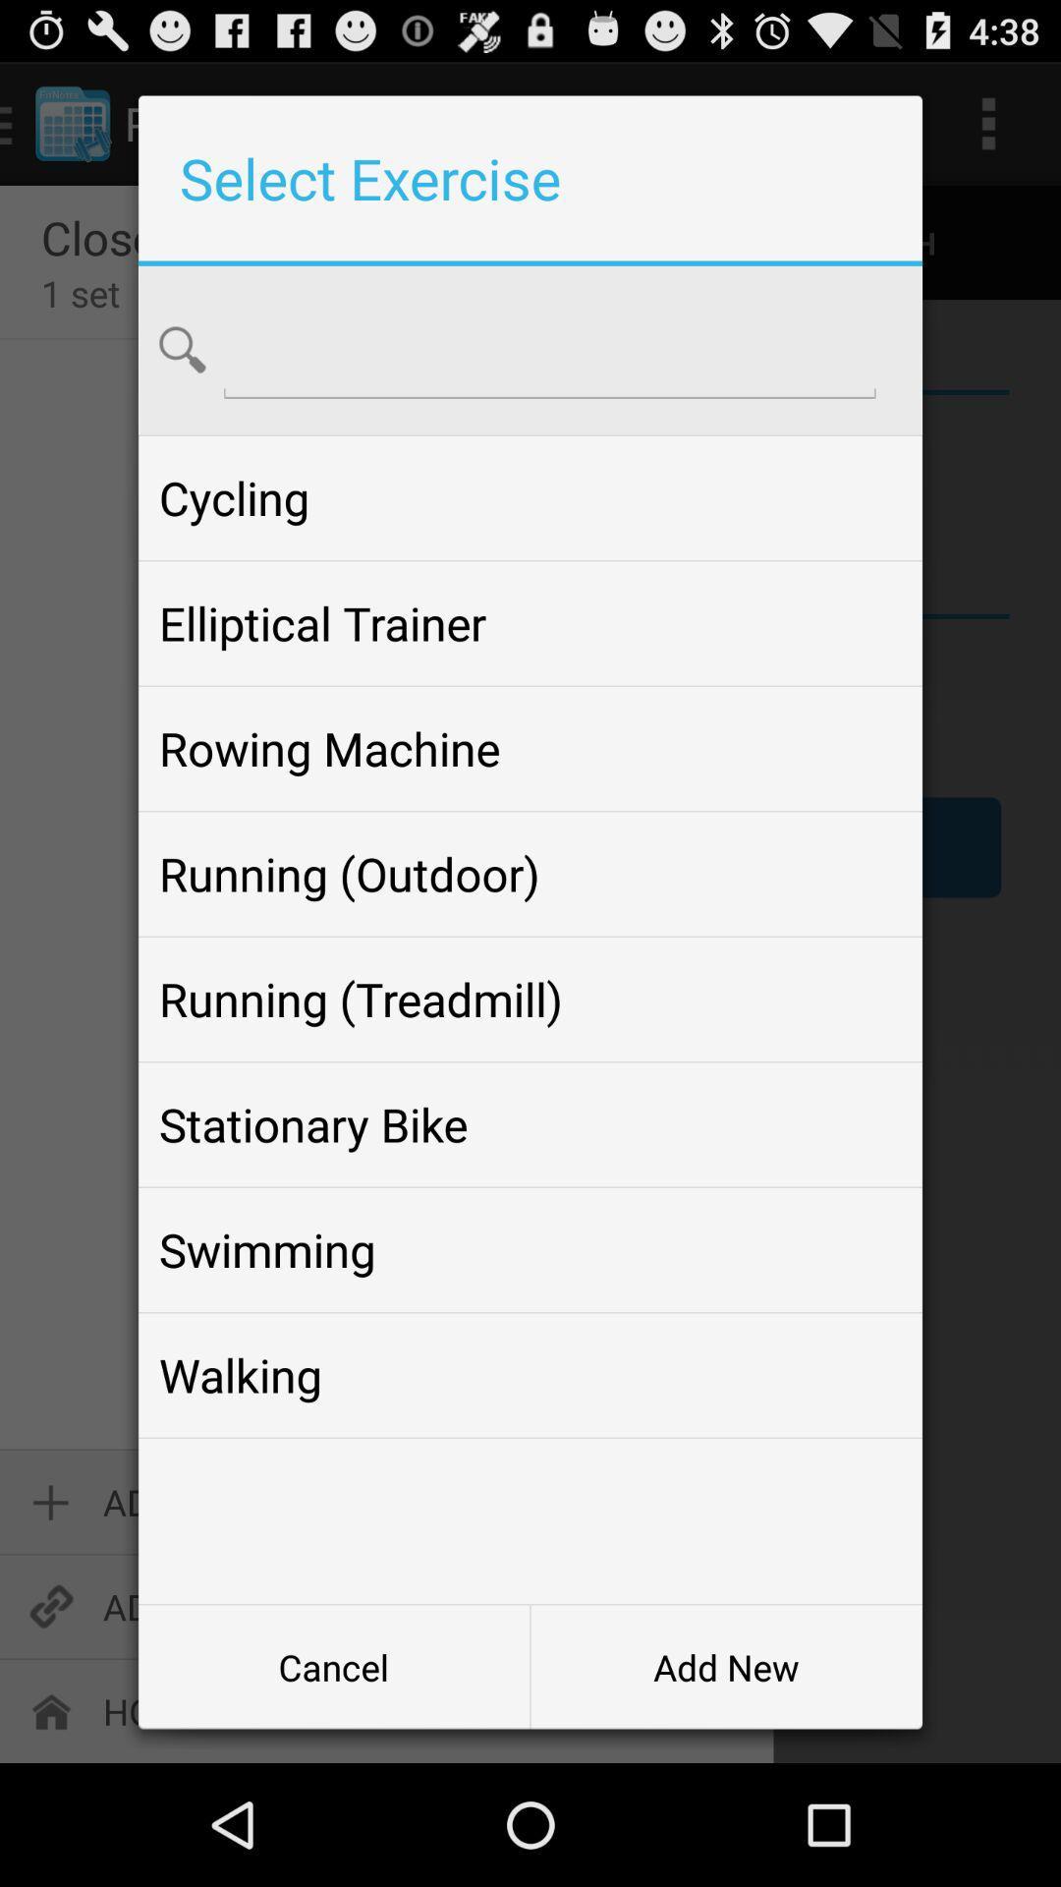  What do you see at coordinates (549, 348) in the screenshot?
I see `search` at bounding box center [549, 348].